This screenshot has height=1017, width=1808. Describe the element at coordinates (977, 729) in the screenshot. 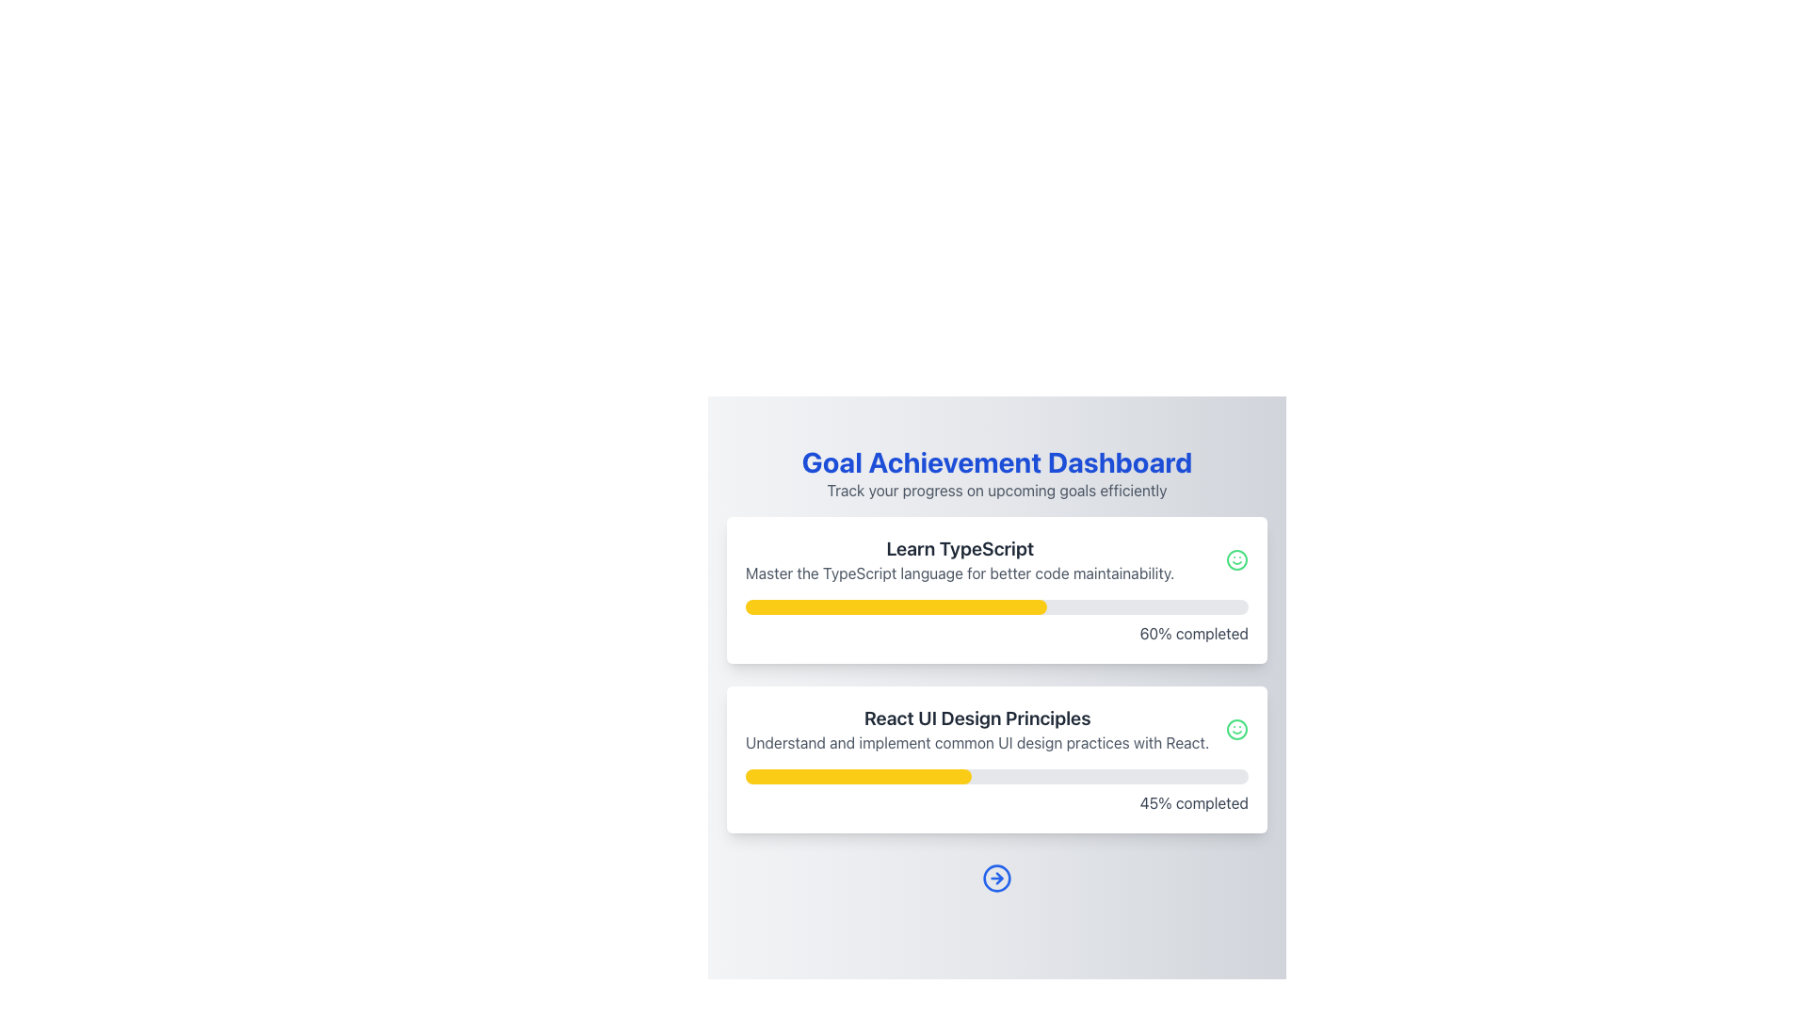

I see `text content that states 'React UI Design Principles' and 'Understand and implement common UI design practices with React.' located below the 'Learn TypeScript' text block in the Goal Achievement Dashboard` at that location.